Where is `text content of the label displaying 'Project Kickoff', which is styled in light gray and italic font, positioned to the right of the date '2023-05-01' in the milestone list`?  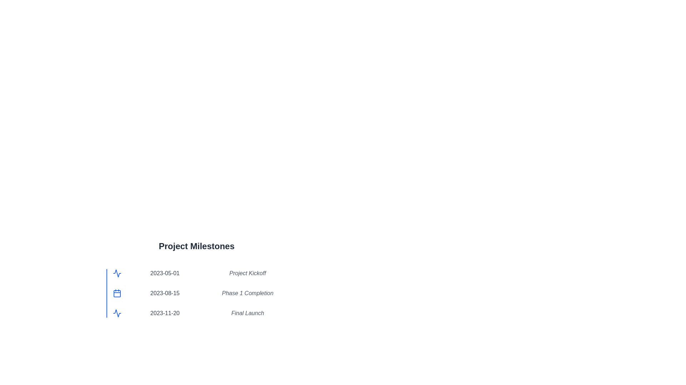
text content of the label displaying 'Project Kickoff', which is styled in light gray and italic font, positioned to the right of the date '2023-05-01' in the milestone list is located at coordinates (248, 273).